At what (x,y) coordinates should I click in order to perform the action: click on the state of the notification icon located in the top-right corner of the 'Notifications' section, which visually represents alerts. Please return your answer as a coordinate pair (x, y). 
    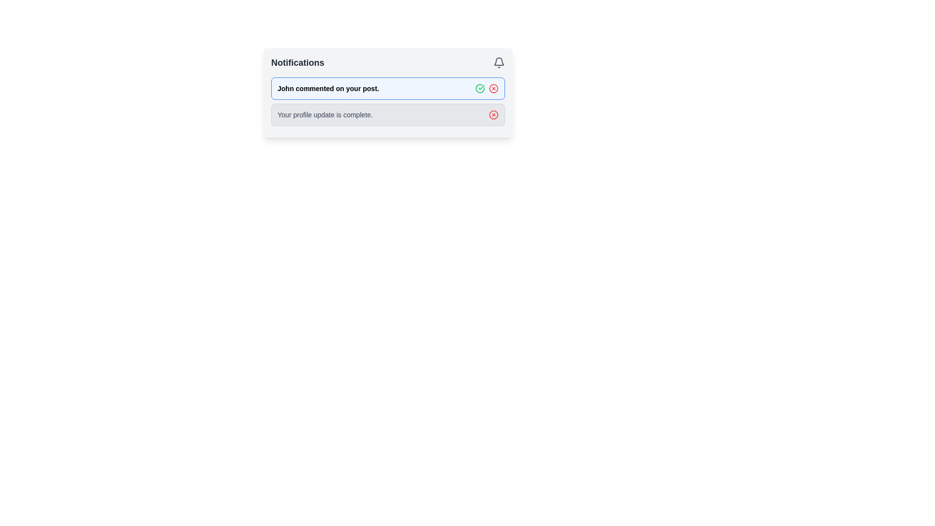
    Looking at the image, I should click on (499, 62).